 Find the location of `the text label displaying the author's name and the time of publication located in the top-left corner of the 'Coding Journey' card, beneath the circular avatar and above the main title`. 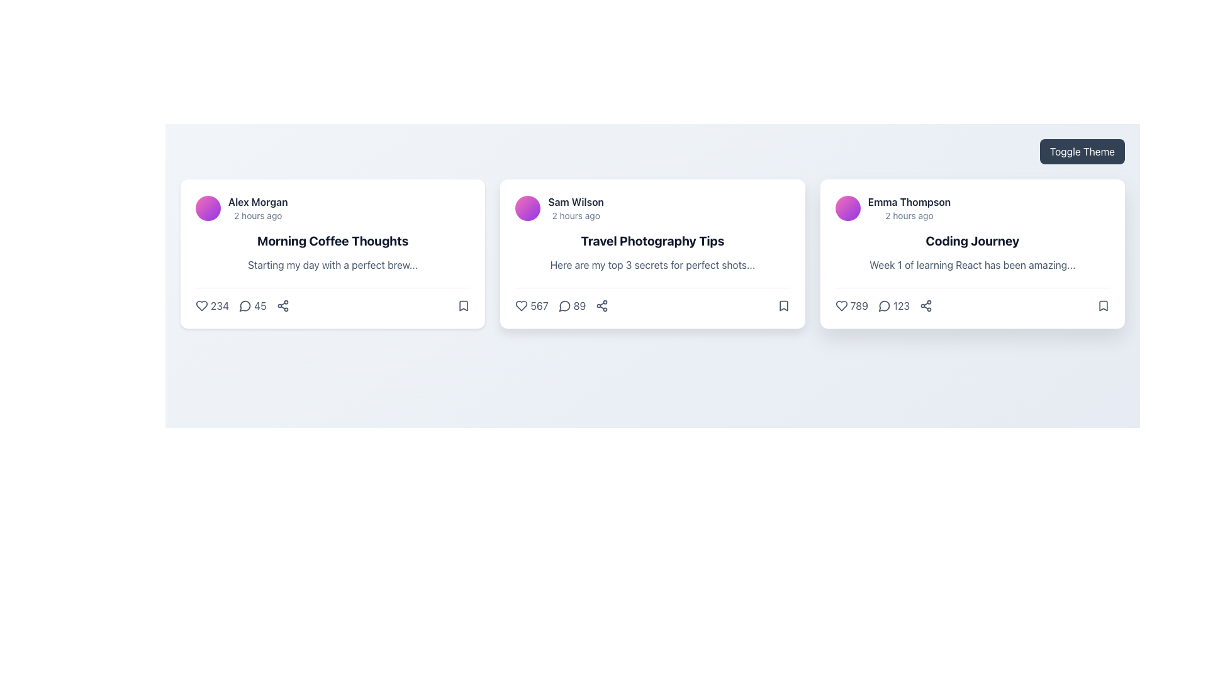

the text label displaying the author's name and the time of publication located in the top-left corner of the 'Coding Journey' card, beneath the circular avatar and above the main title is located at coordinates (909, 208).